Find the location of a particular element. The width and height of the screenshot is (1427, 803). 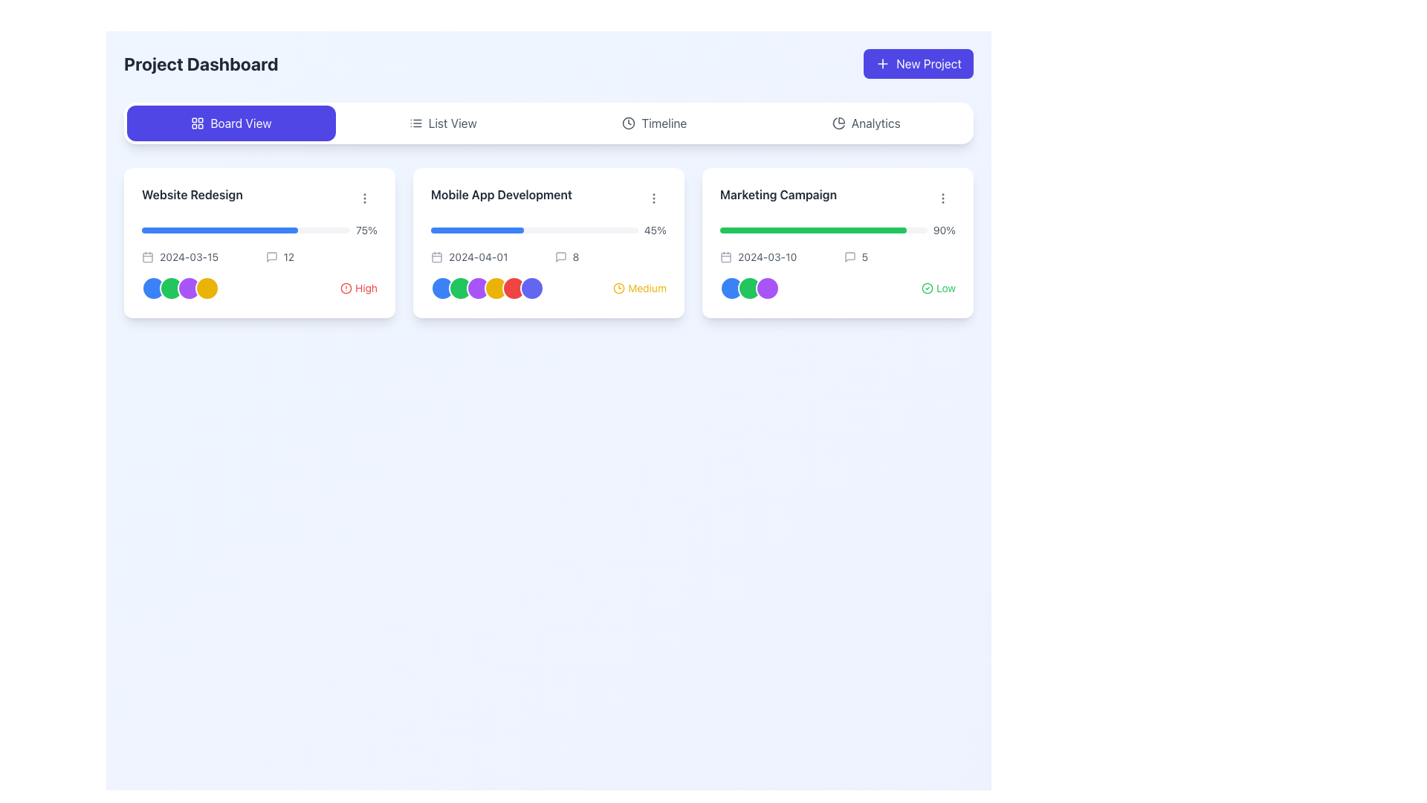

the text label reading 'High', which is styled in a small font size and colored red, located to the right of a circular alert icon within the bottom-right quadrant of the 'Website Redesign' card is located at coordinates (366, 288).